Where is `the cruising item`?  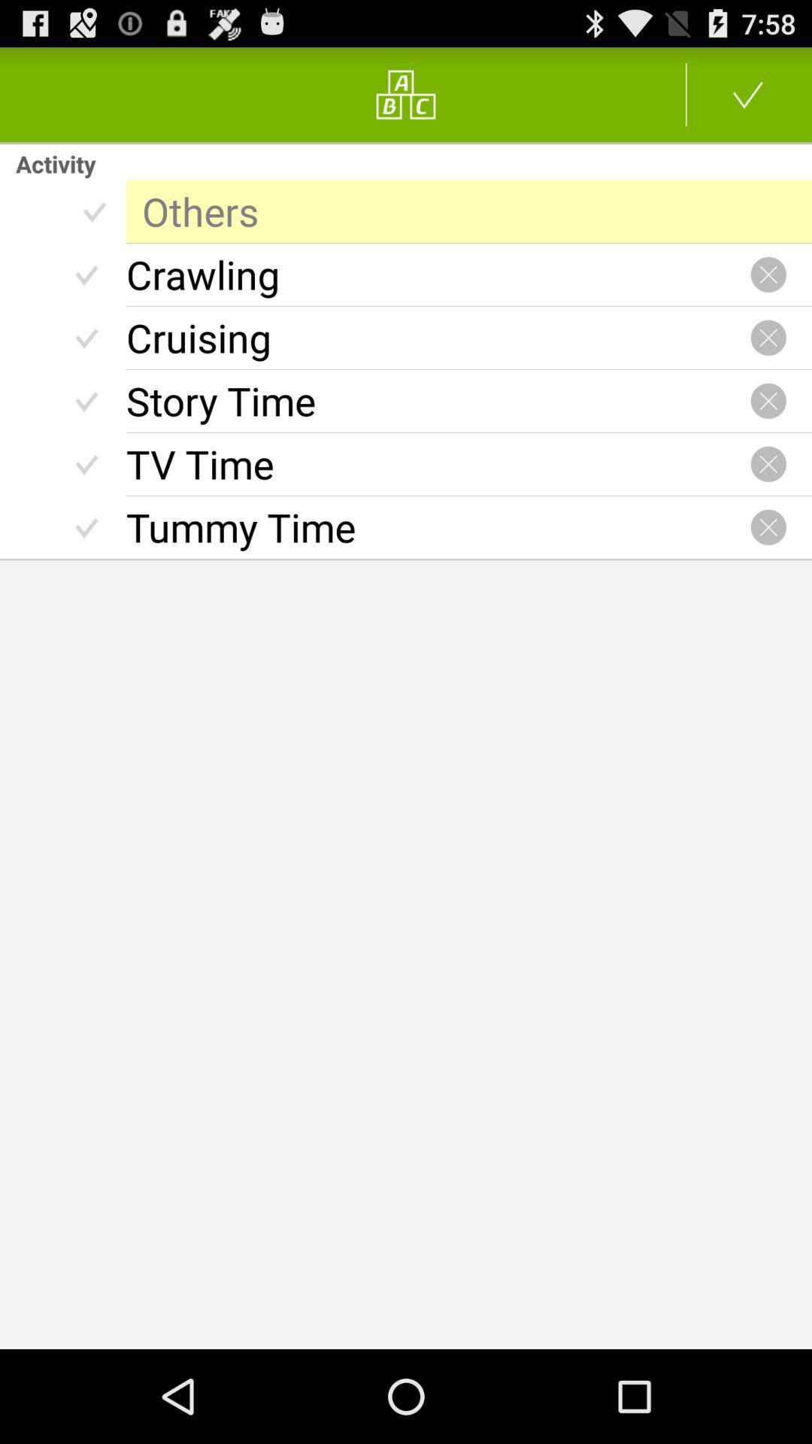
the cruising item is located at coordinates (438, 337).